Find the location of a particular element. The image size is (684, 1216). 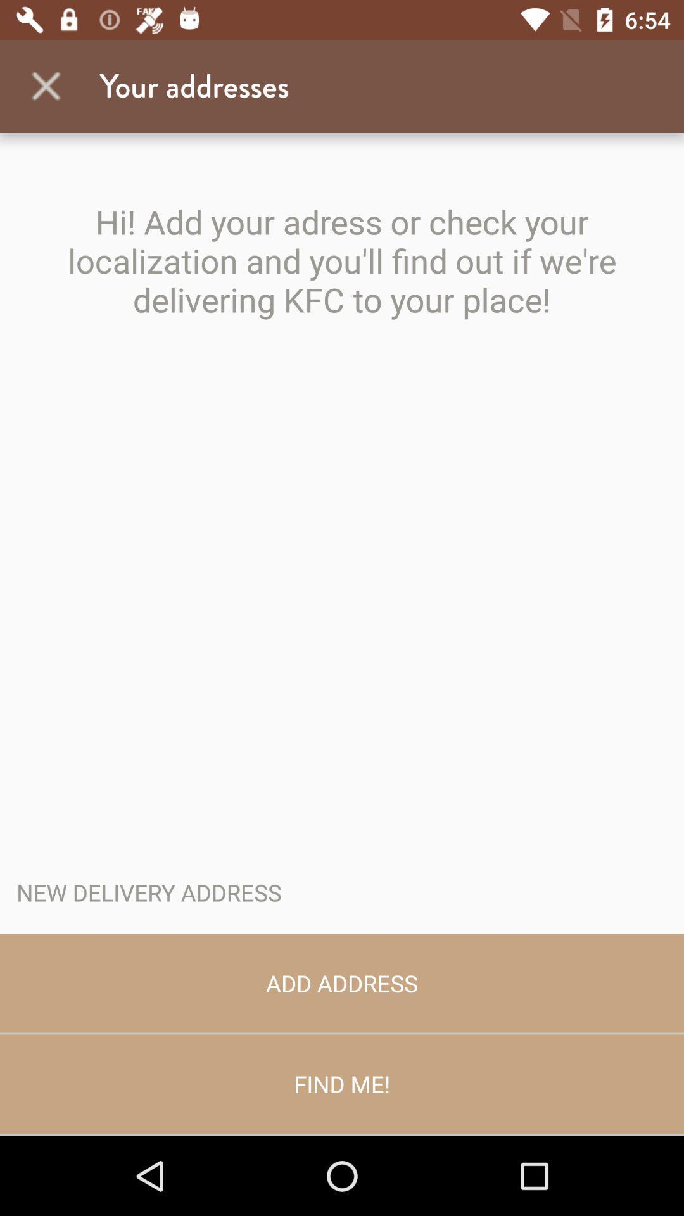

the icon above the hi add your is located at coordinates (46, 85).